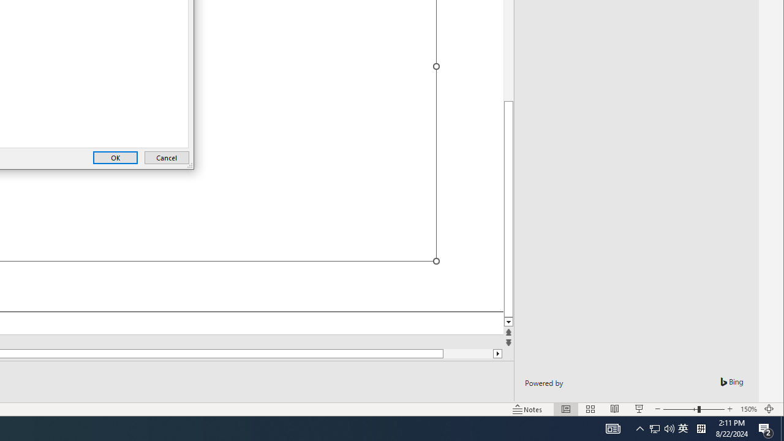 This screenshot has width=784, height=441. What do you see at coordinates (669, 428) in the screenshot?
I see `'Q2790: 100%'` at bounding box center [669, 428].